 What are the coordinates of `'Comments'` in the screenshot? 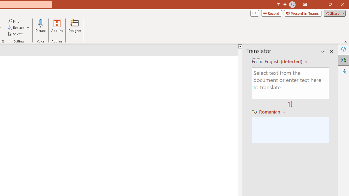 It's located at (254, 13).